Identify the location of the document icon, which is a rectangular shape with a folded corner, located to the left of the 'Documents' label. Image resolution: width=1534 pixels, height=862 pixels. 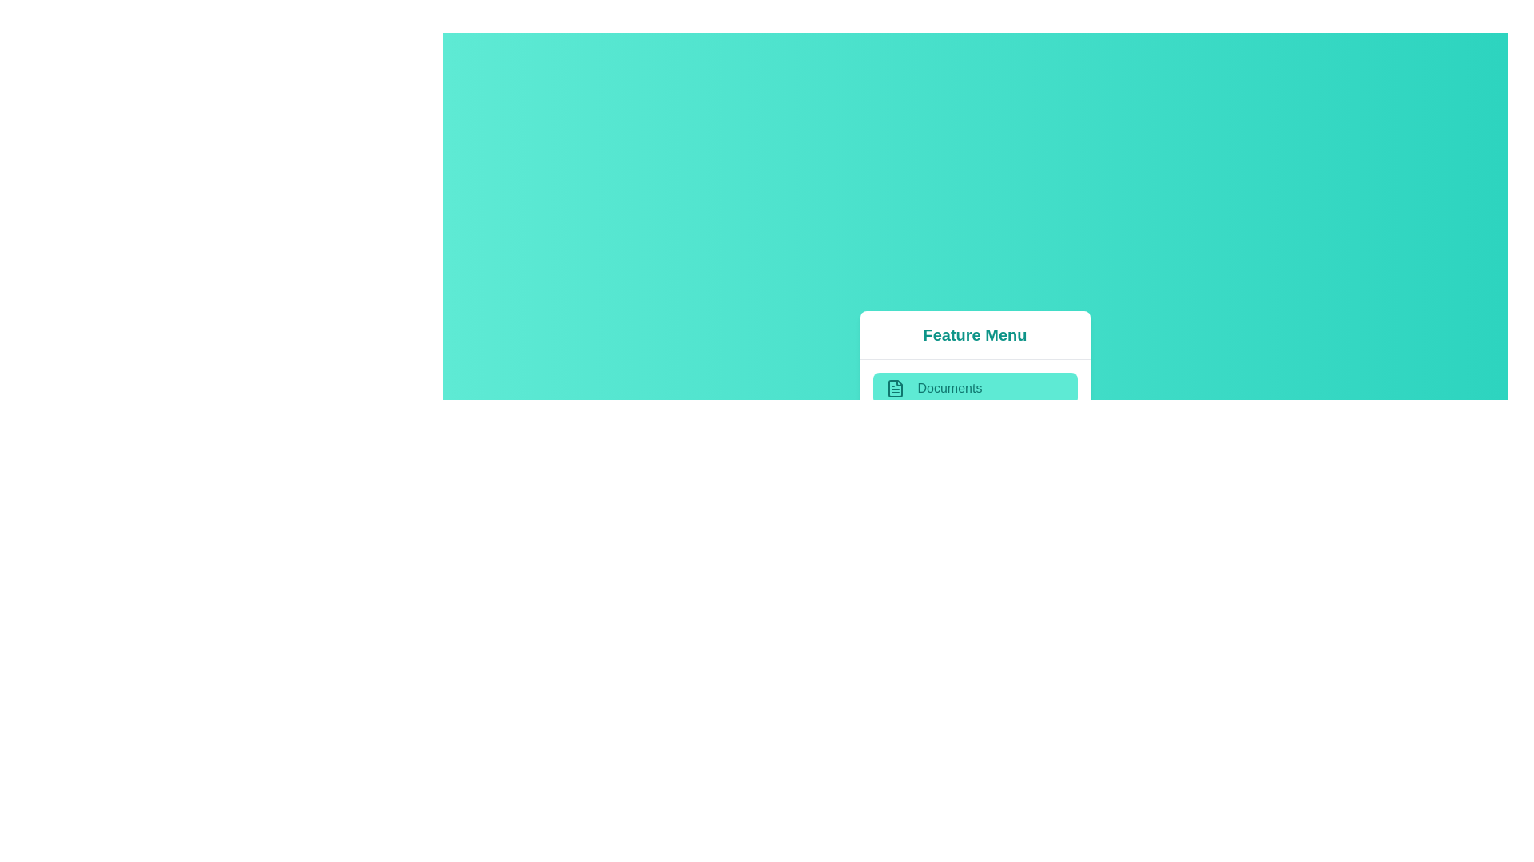
(895, 388).